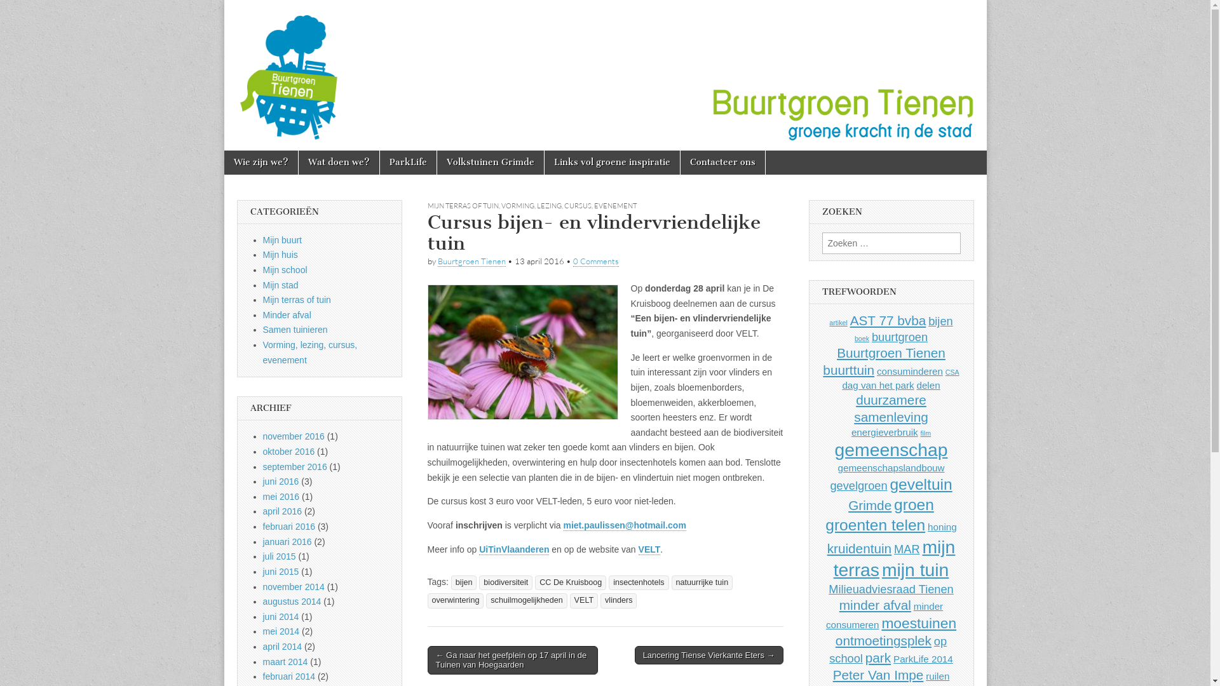 This screenshot has width=1220, height=686. Describe the element at coordinates (722, 161) in the screenshot. I see `'Contacteer ons'` at that location.